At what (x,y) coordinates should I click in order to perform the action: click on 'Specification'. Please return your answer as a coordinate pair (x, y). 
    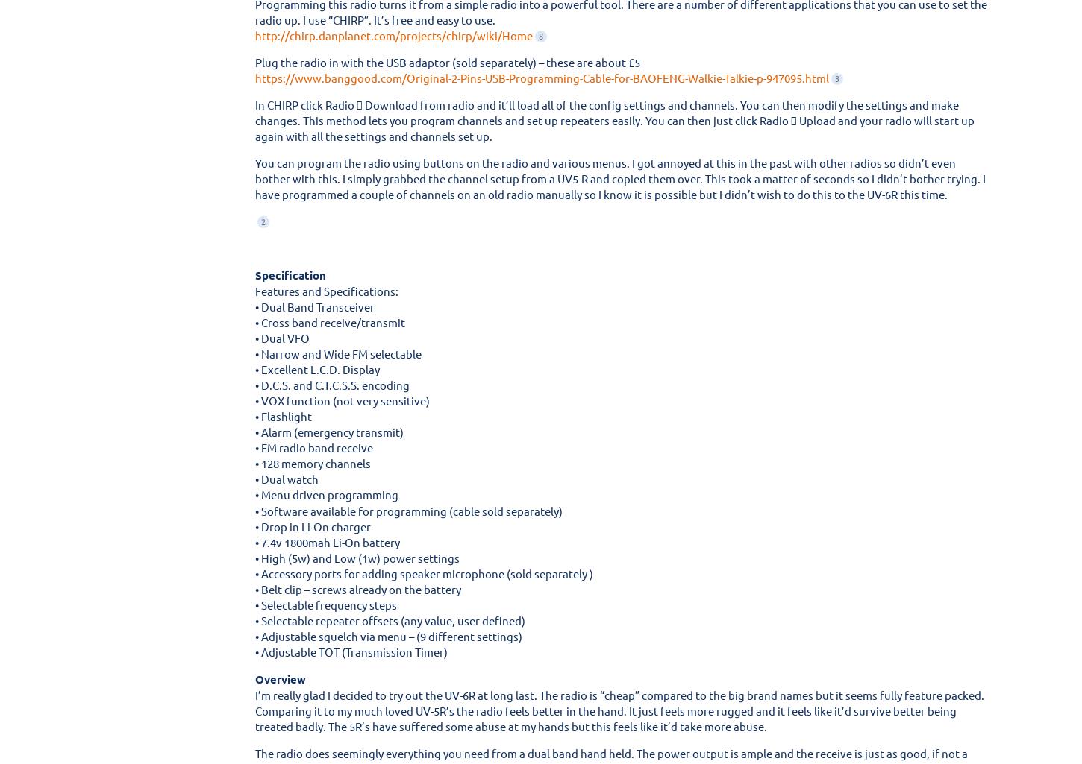
    Looking at the image, I should click on (290, 274).